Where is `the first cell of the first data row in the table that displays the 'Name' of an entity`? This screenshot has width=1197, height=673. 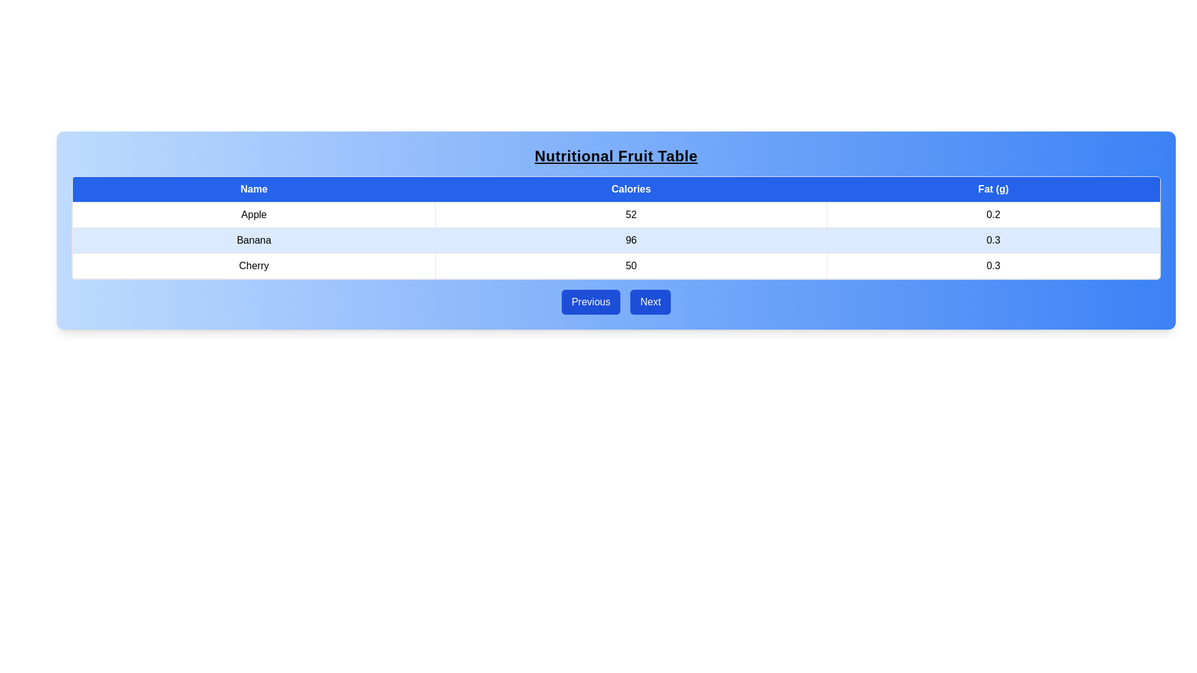
the first cell of the first data row in the table that displays the 'Name' of an entity is located at coordinates (253, 214).